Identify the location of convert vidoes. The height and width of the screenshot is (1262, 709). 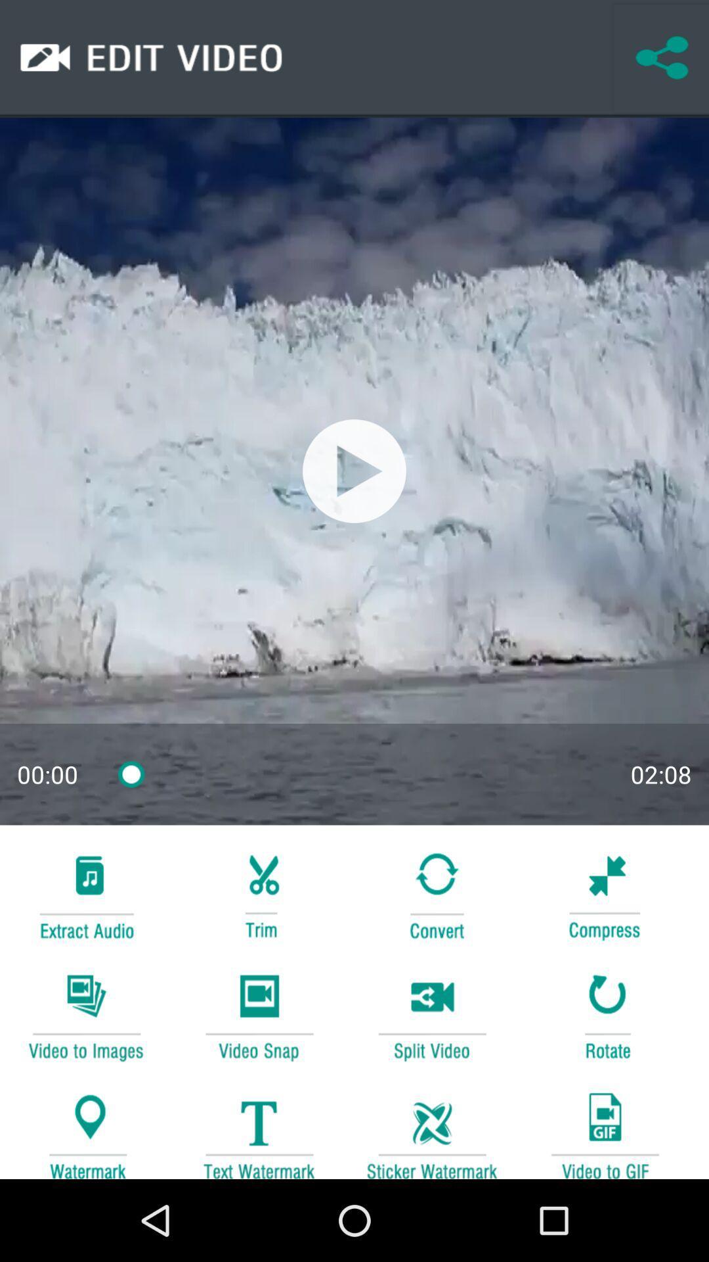
(86, 1015).